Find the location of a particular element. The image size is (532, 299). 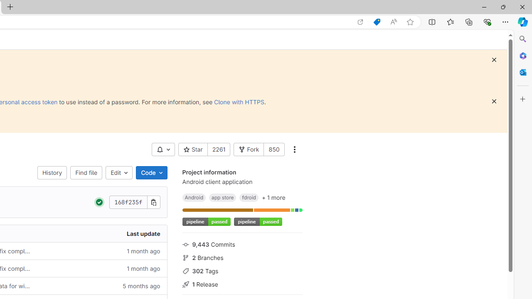

'Clone with HTTPS' is located at coordinates (239, 101).